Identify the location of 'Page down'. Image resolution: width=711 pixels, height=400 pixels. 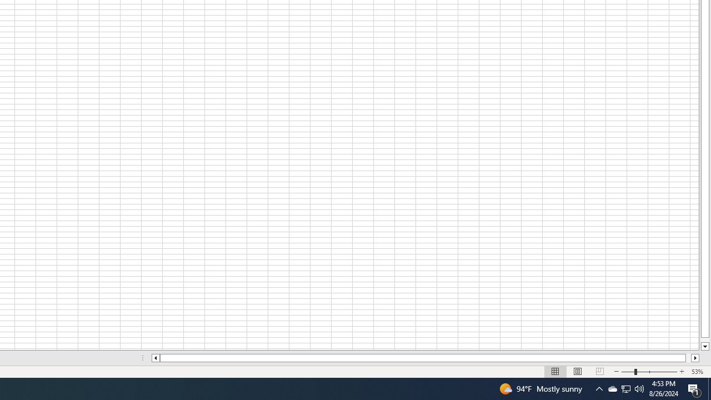
(704, 339).